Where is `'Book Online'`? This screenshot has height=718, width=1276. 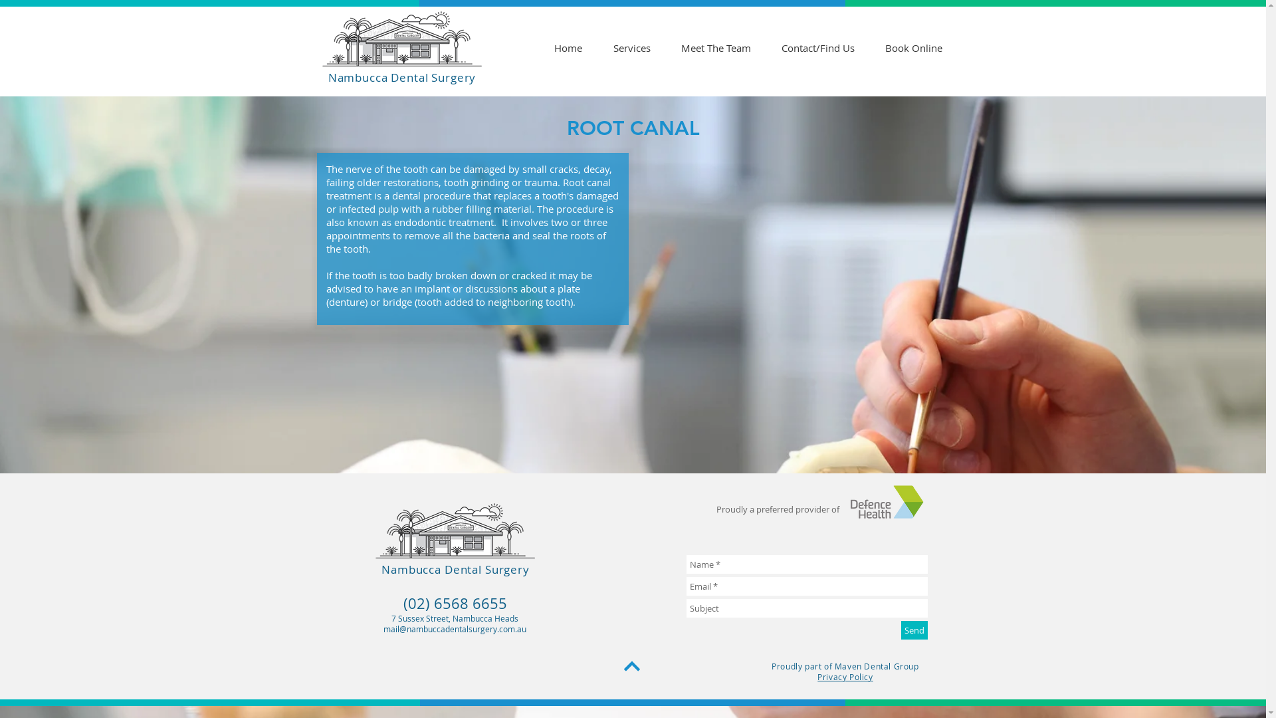
'Book Online' is located at coordinates (912, 47).